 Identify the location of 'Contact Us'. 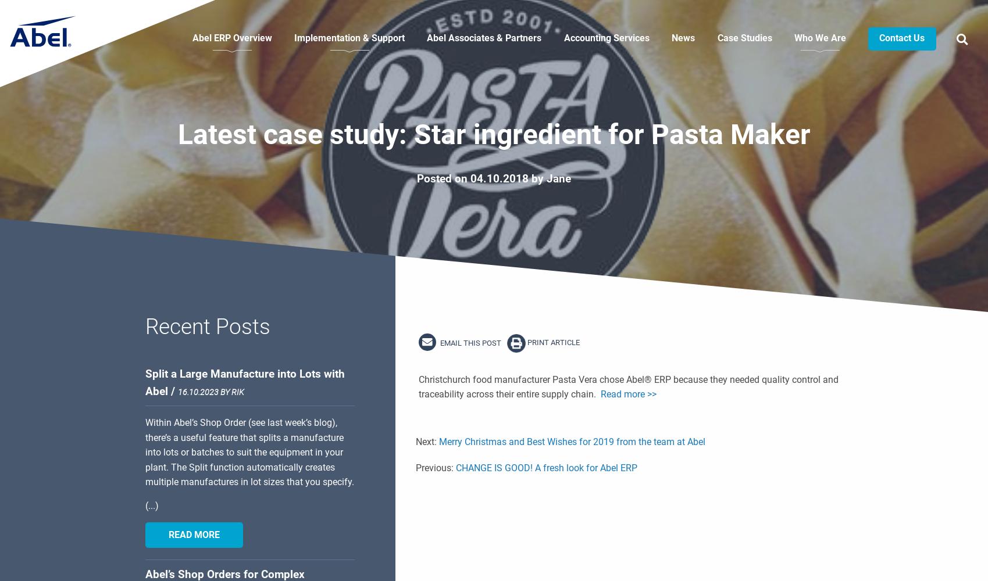
(902, 37).